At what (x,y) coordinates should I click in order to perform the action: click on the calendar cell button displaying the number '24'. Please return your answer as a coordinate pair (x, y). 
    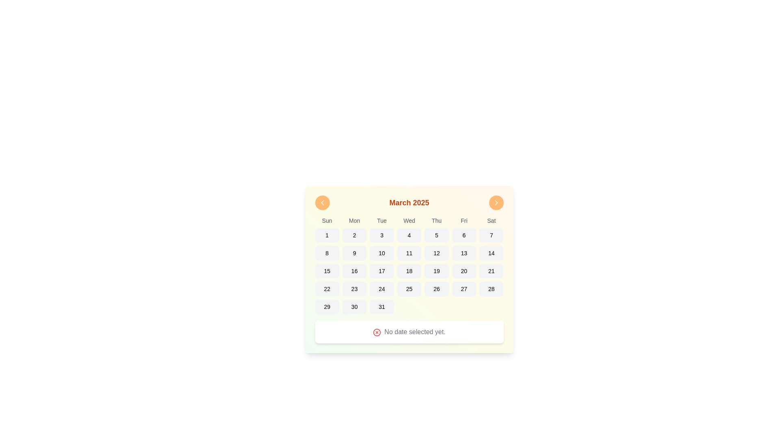
    Looking at the image, I should click on (381, 288).